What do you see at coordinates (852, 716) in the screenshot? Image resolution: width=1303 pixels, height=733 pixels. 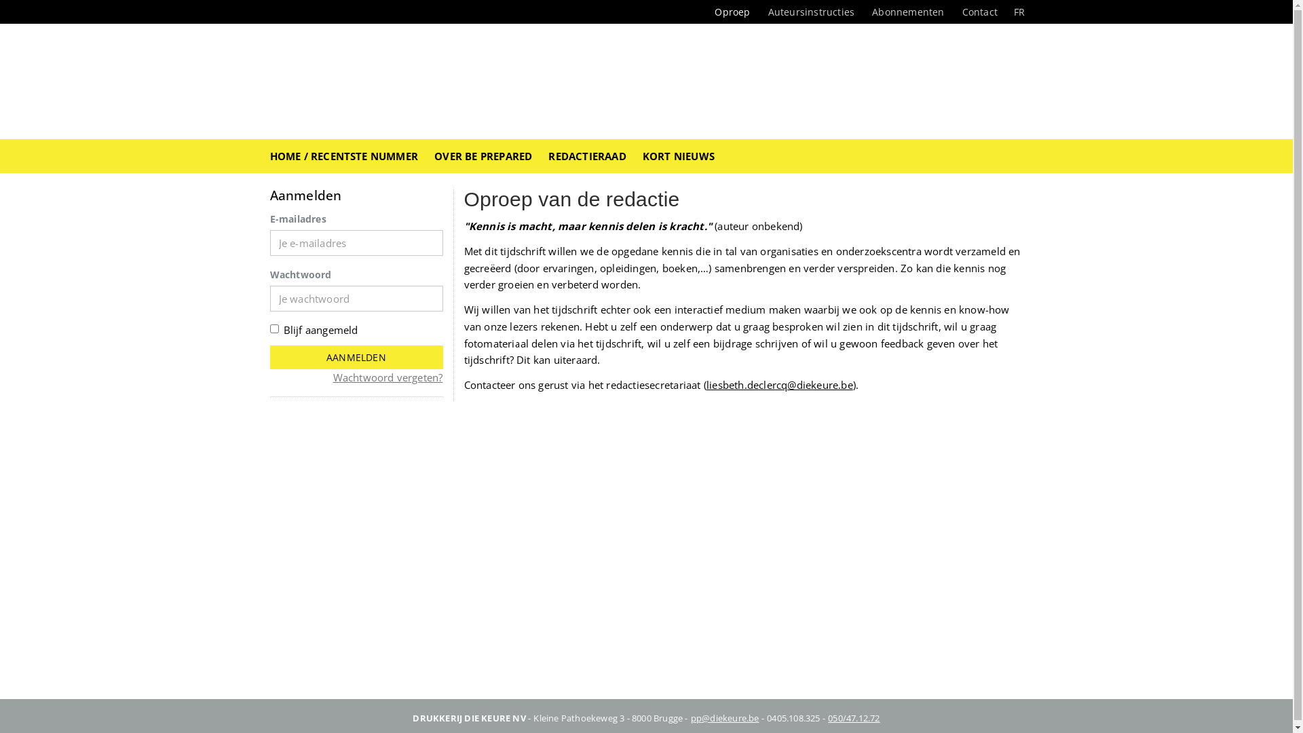 I see `'050/47.12.72'` at bounding box center [852, 716].